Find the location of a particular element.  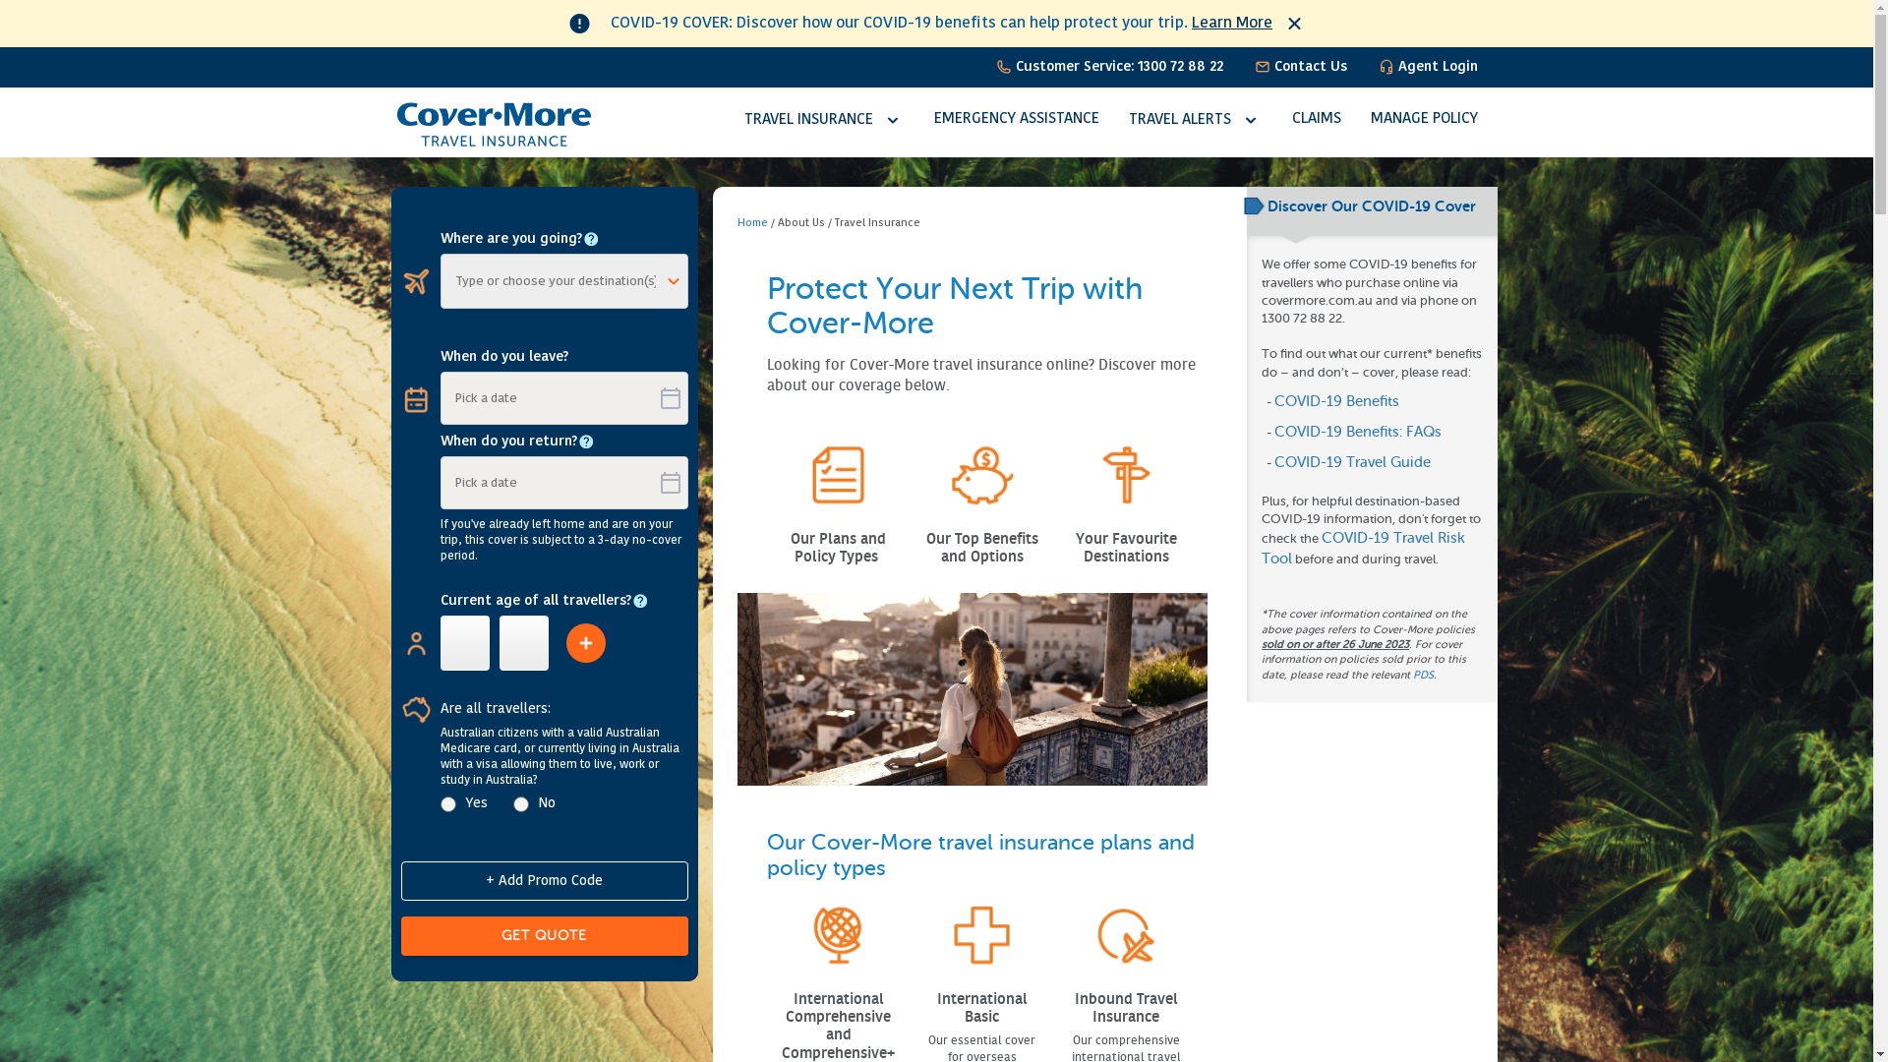

'Agent Login' is located at coordinates (1428, 66).